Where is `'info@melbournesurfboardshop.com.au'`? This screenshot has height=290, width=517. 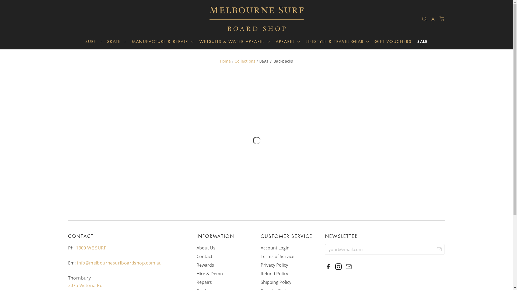 'info@melbournesurfboardshop.com.au' is located at coordinates (119, 263).